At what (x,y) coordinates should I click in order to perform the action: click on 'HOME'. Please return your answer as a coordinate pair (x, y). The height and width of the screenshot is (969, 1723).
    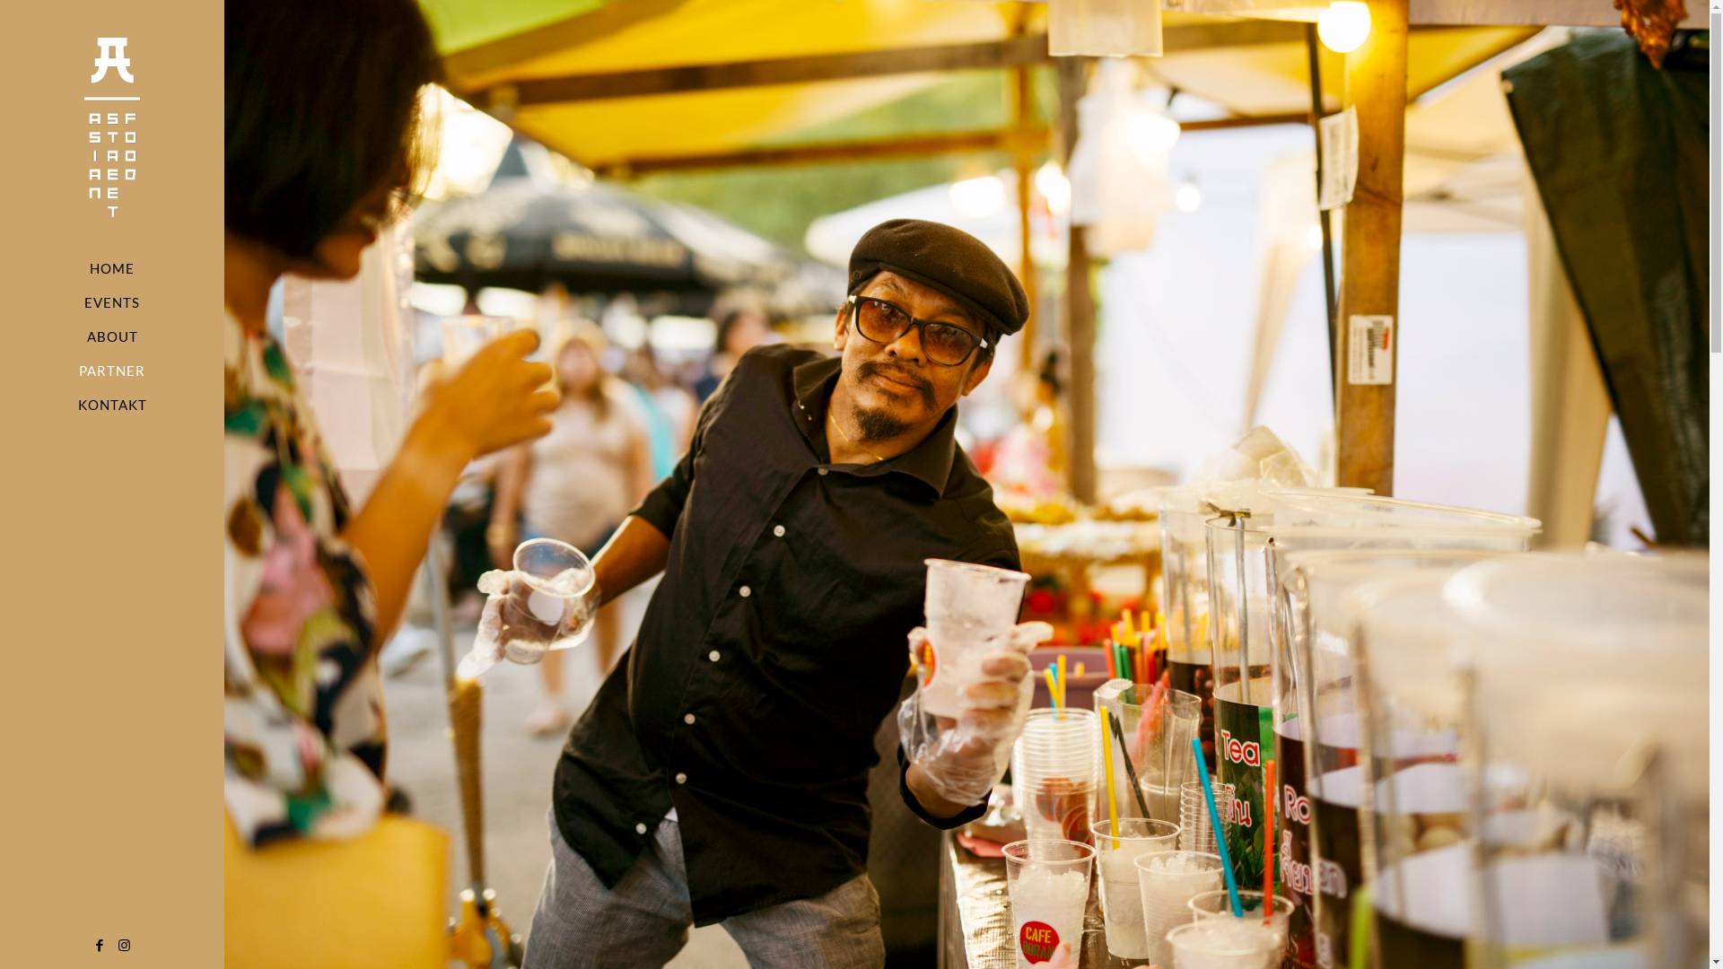
    Looking at the image, I should click on (110, 268).